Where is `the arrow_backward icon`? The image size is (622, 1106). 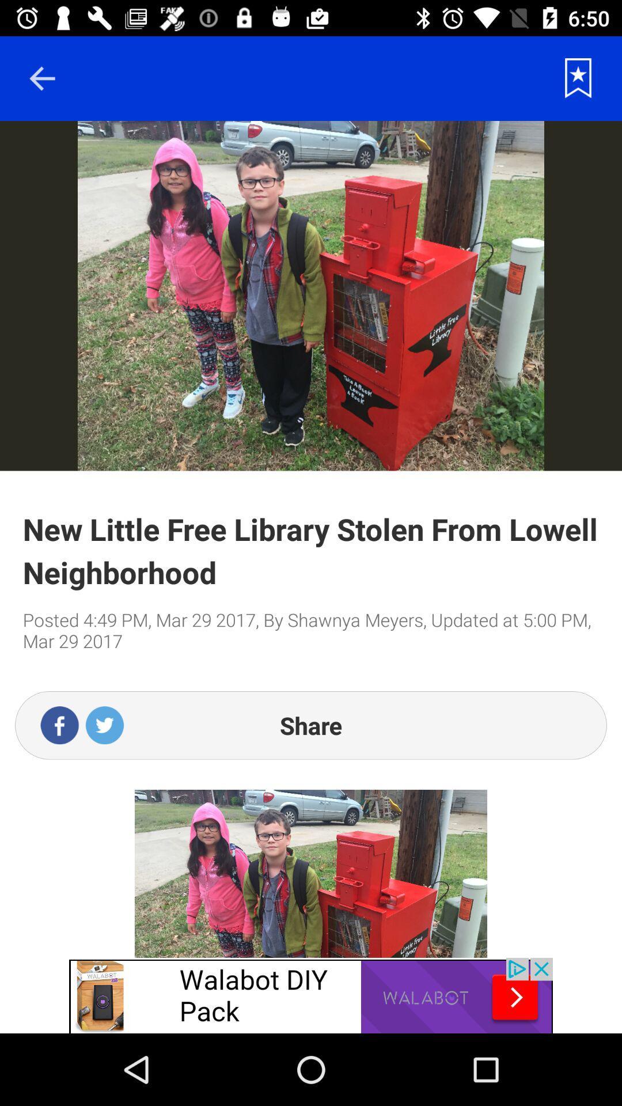 the arrow_backward icon is located at coordinates (41, 78).